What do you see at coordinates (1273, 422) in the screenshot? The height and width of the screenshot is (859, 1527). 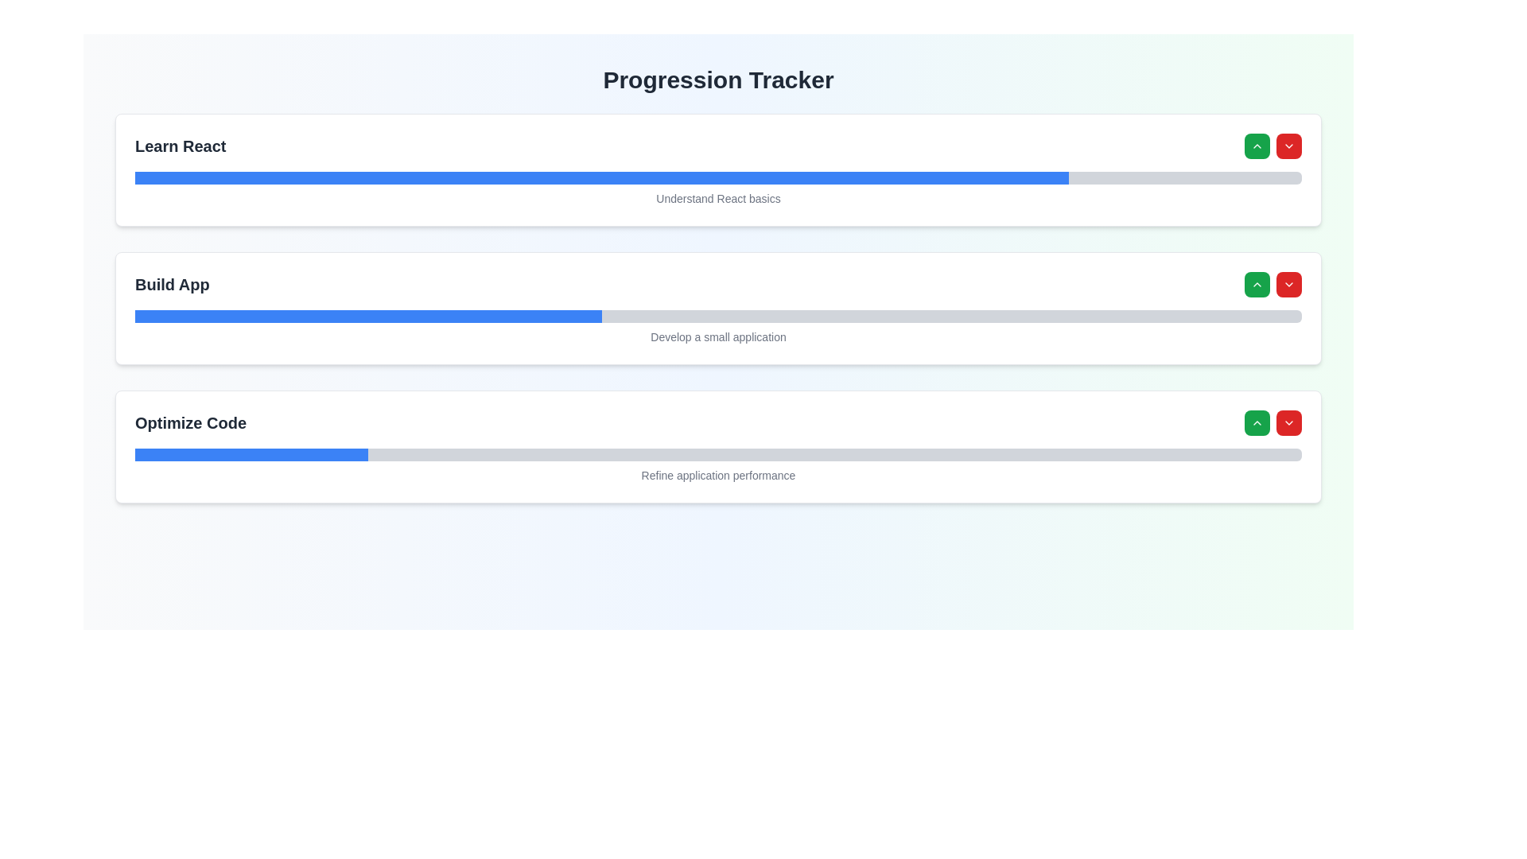 I see `the downward adjustment button located to the far right of the 'Optimize Code' section, adjacent to the green upward arrow button` at bounding box center [1273, 422].